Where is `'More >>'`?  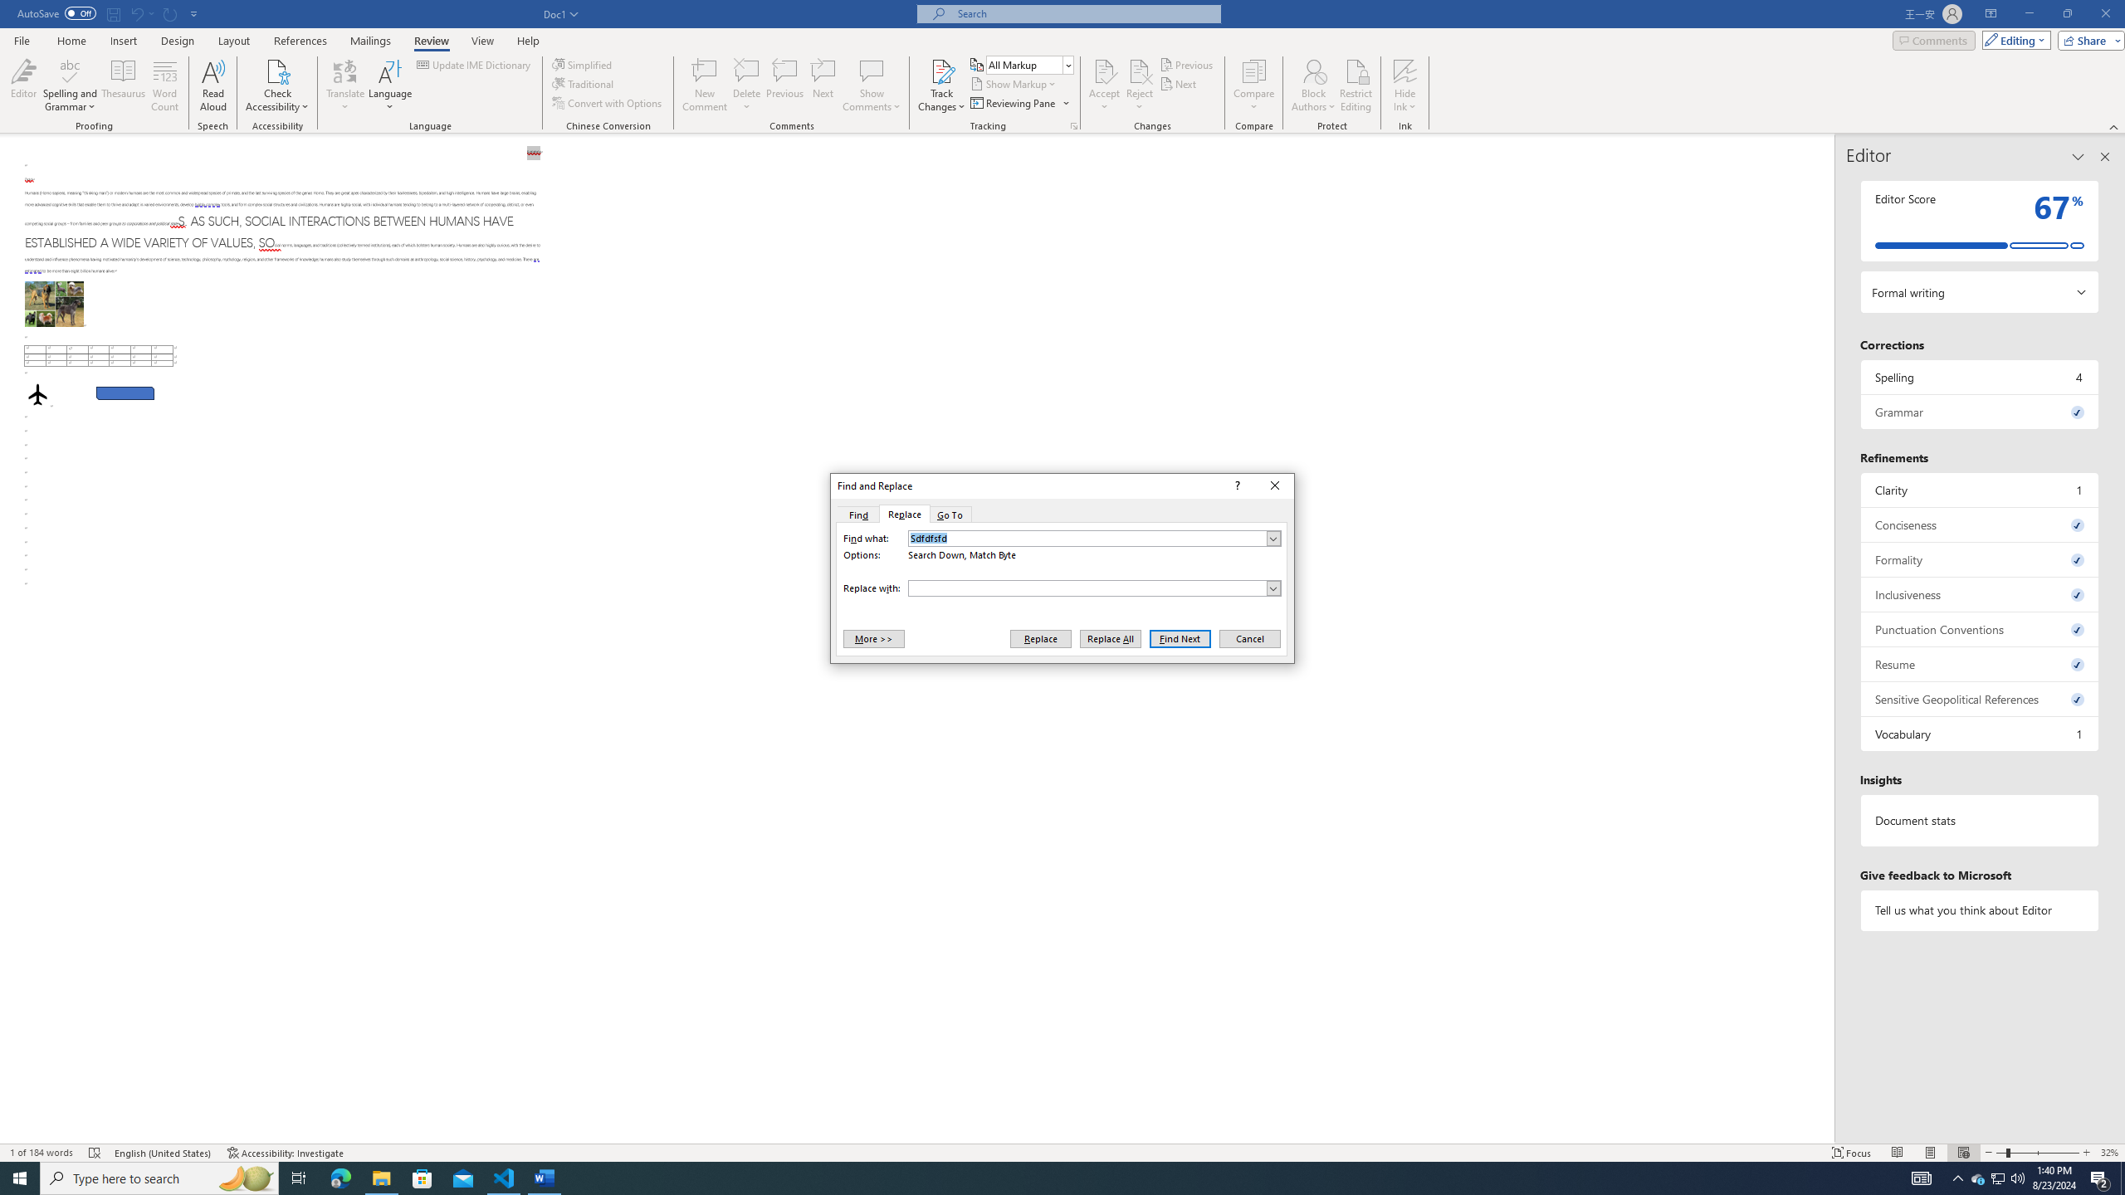
'More >>' is located at coordinates (872, 638).